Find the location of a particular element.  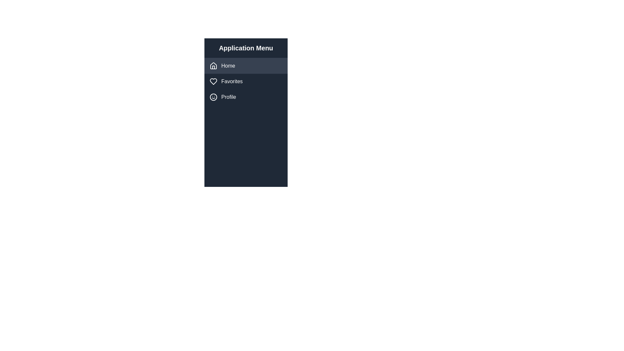

the heart-shaped icon in the vertical menu adjacent to 'Favorites' is located at coordinates (214, 81).